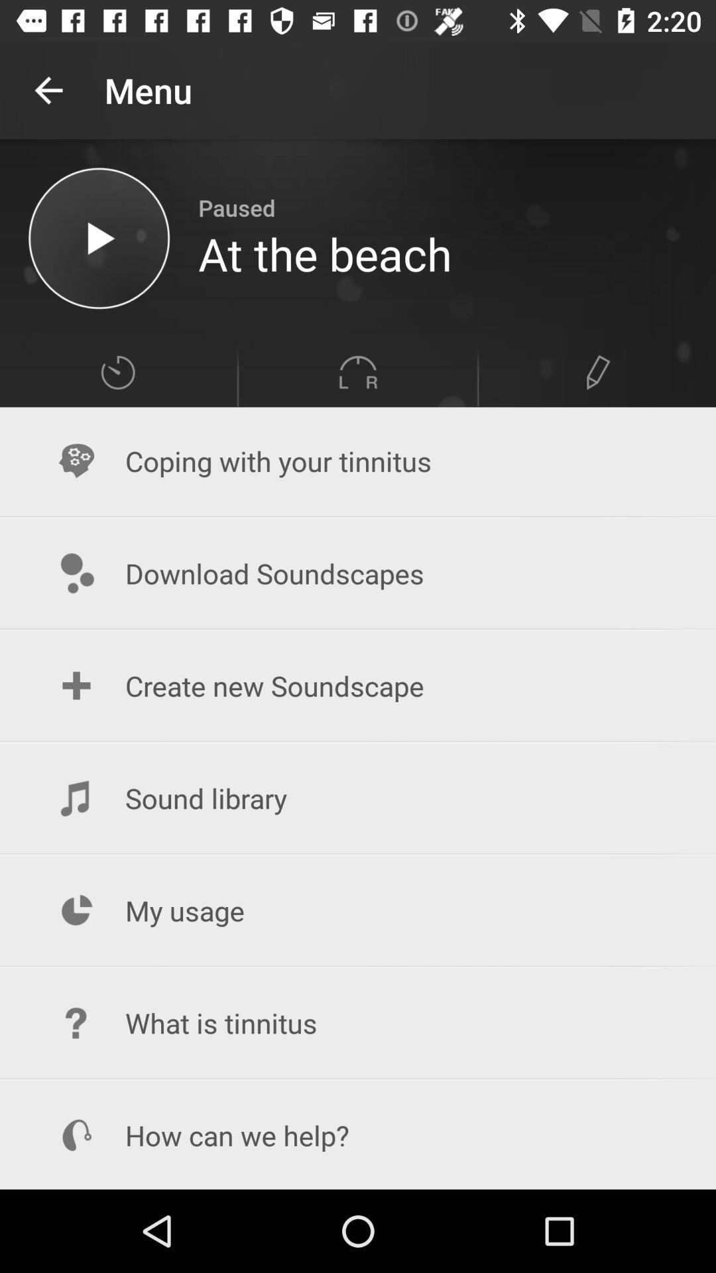 This screenshot has height=1273, width=716. What do you see at coordinates (117, 371) in the screenshot?
I see `time` at bounding box center [117, 371].